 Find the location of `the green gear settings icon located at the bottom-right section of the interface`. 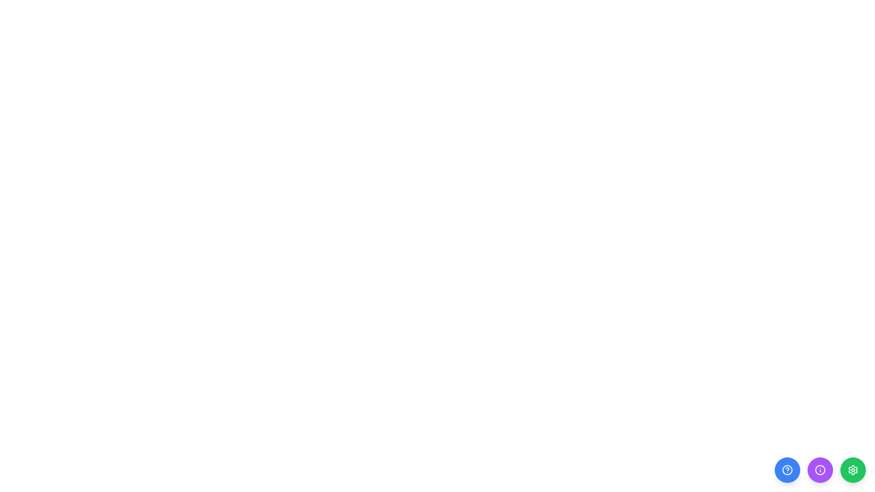

the green gear settings icon located at the bottom-right section of the interface is located at coordinates (853, 470).